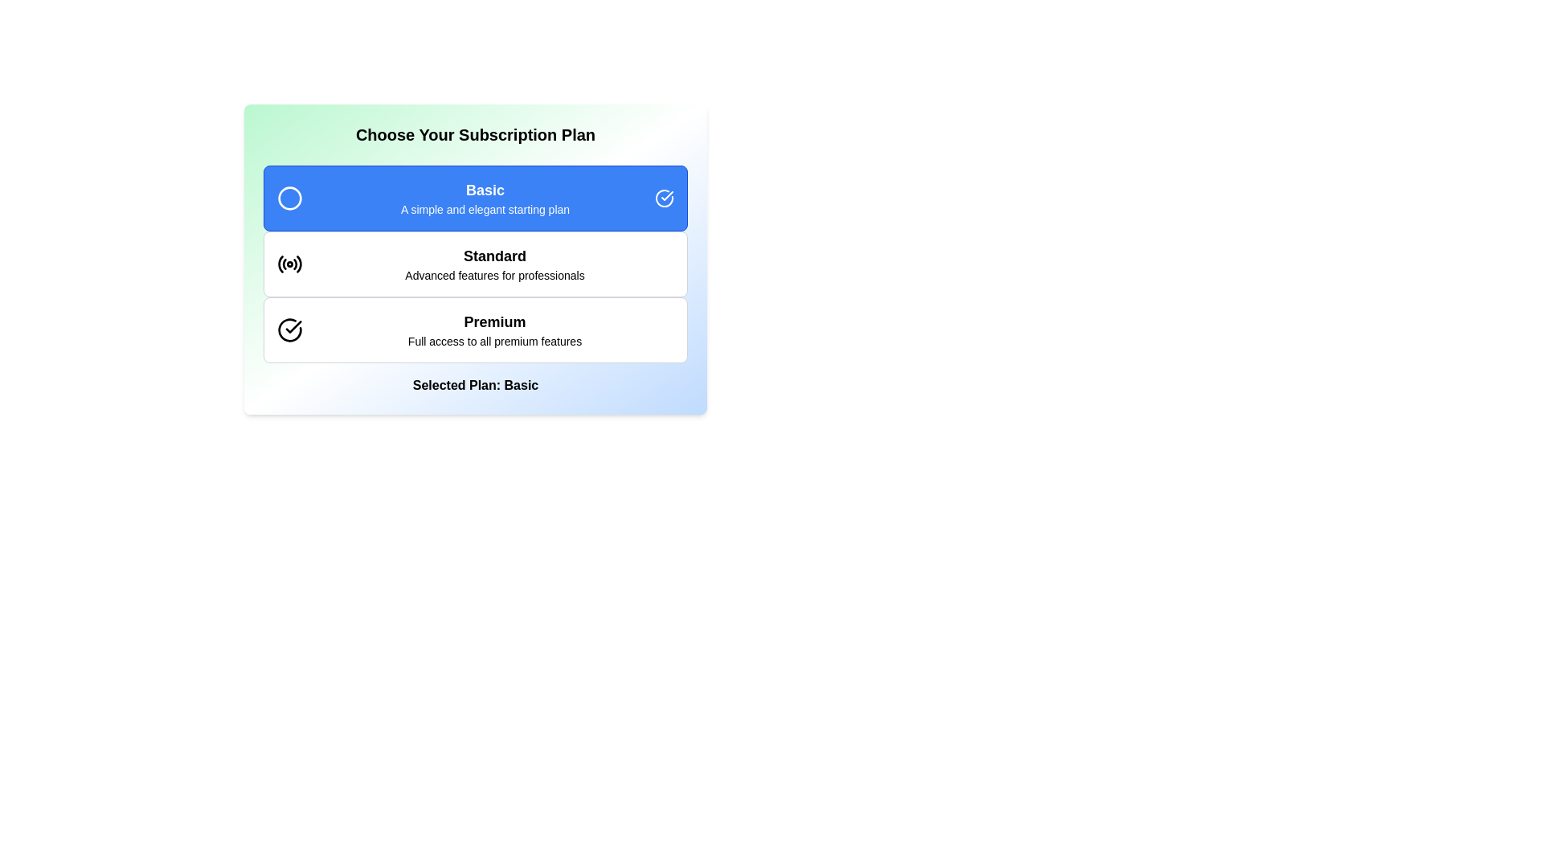 Image resolution: width=1543 pixels, height=868 pixels. What do you see at coordinates (289, 197) in the screenshot?
I see `the 'Basic' subscription plan icon located at the left side of the subscription option panel` at bounding box center [289, 197].